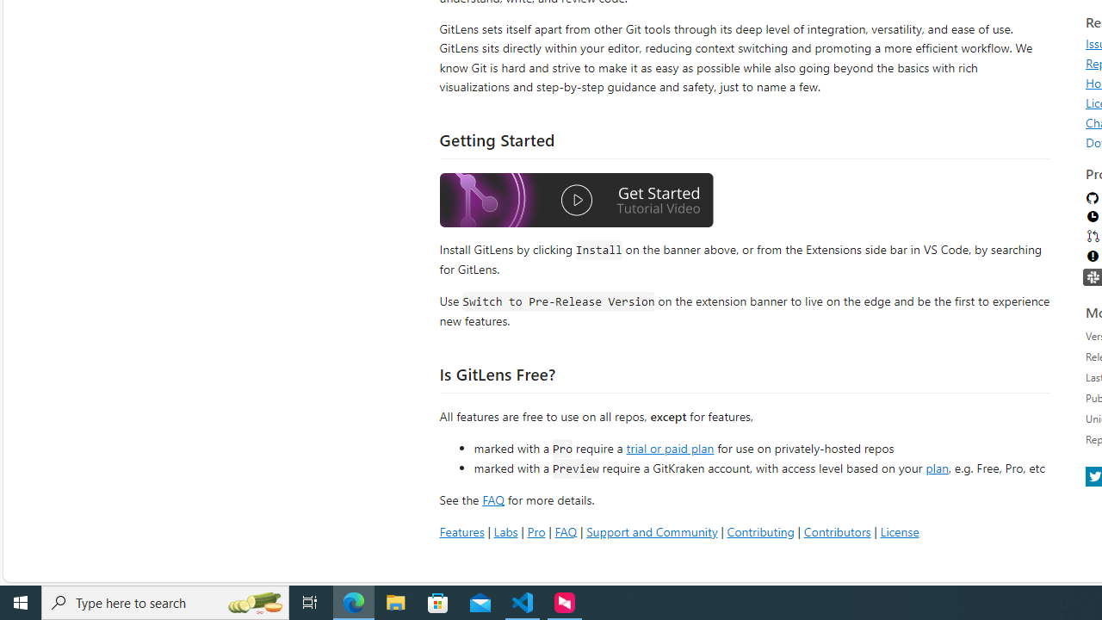 The width and height of the screenshot is (1102, 620). I want to click on 'FAQ', so click(566, 530).